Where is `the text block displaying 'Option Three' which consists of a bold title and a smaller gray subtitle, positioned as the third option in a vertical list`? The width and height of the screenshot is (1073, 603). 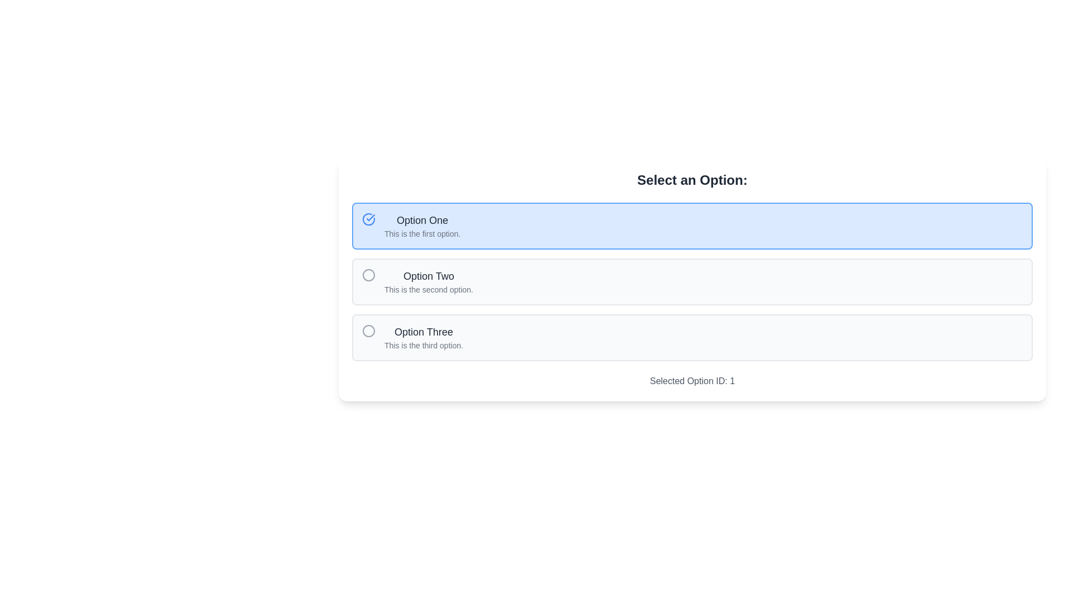 the text block displaying 'Option Three' which consists of a bold title and a smaller gray subtitle, positioned as the third option in a vertical list is located at coordinates (423, 337).